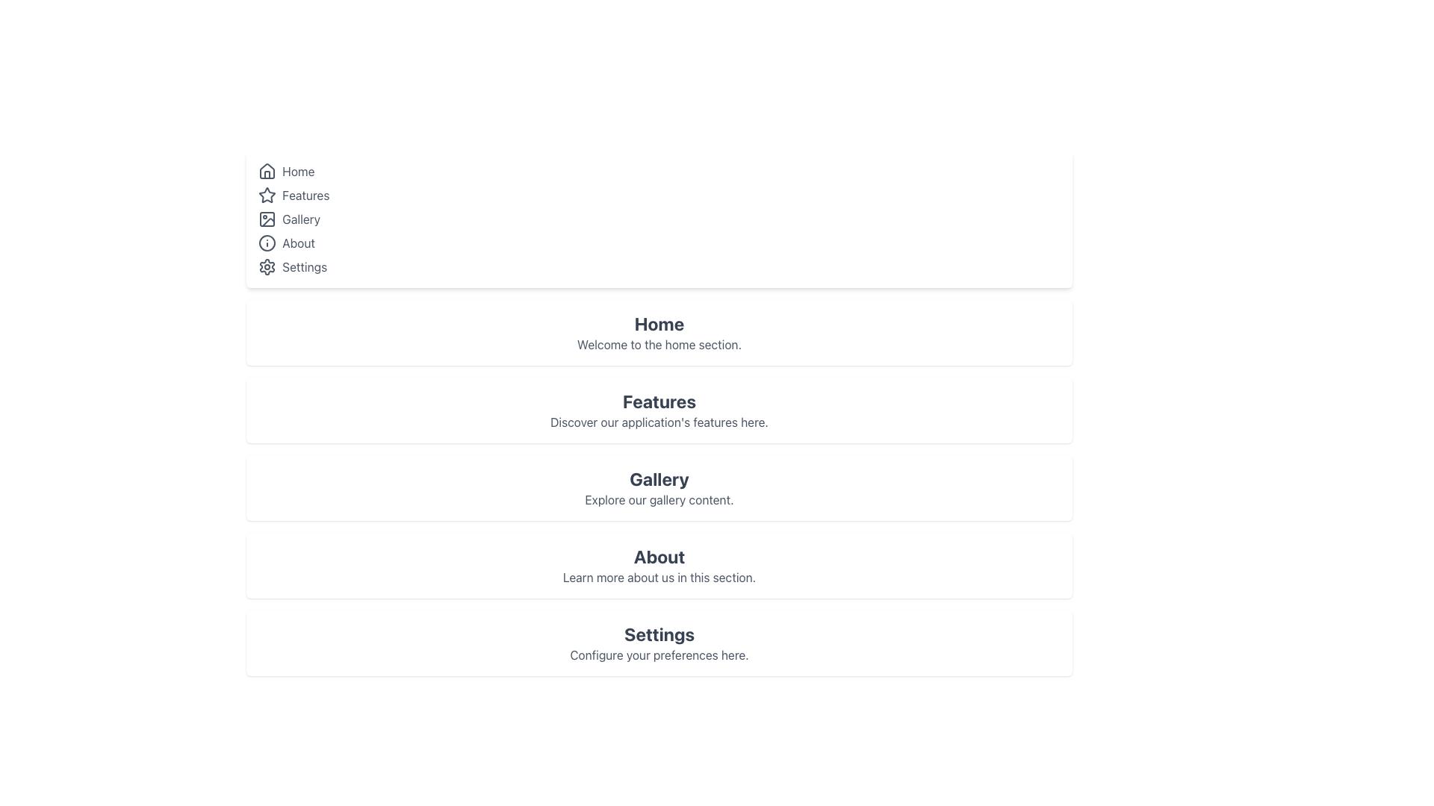 Image resolution: width=1434 pixels, height=806 pixels. Describe the element at coordinates (659, 345) in the screenshot. I see `the text label displaying 'Welcome to the home section.' which is styled in gray and positioned below the title 'Home'` at that location.